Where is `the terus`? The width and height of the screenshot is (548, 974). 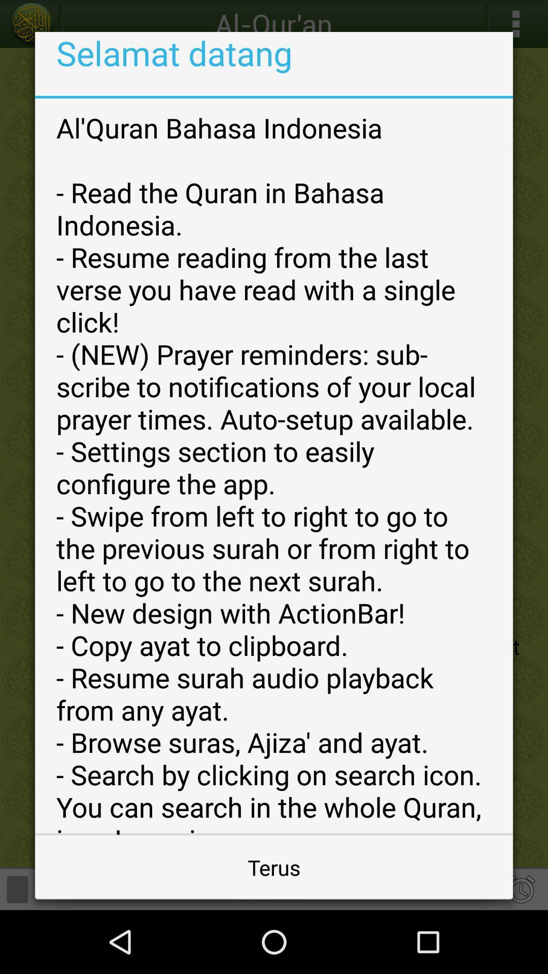
the terus is located at coordinates (274, 866).